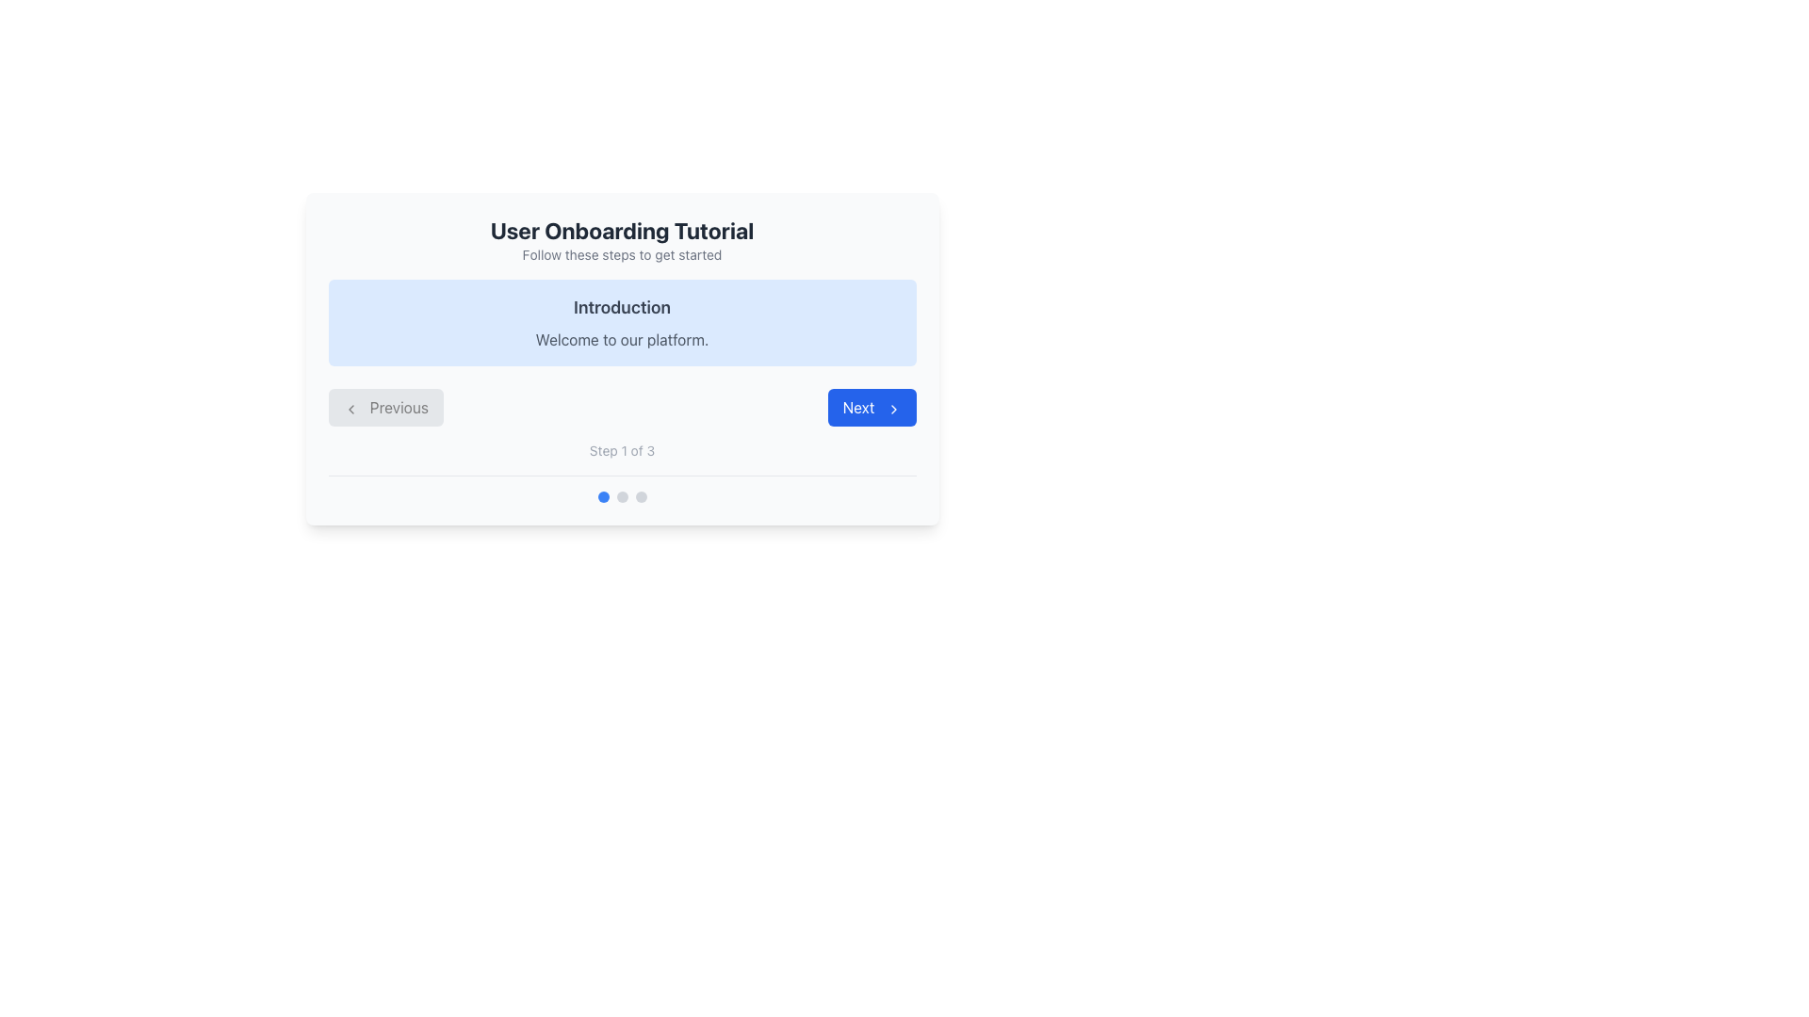  I want to click on the first circular progress indicator at the bottom of the panel, which represents 'Step 1 of 3' in the multi-step process, so click(603, 496).